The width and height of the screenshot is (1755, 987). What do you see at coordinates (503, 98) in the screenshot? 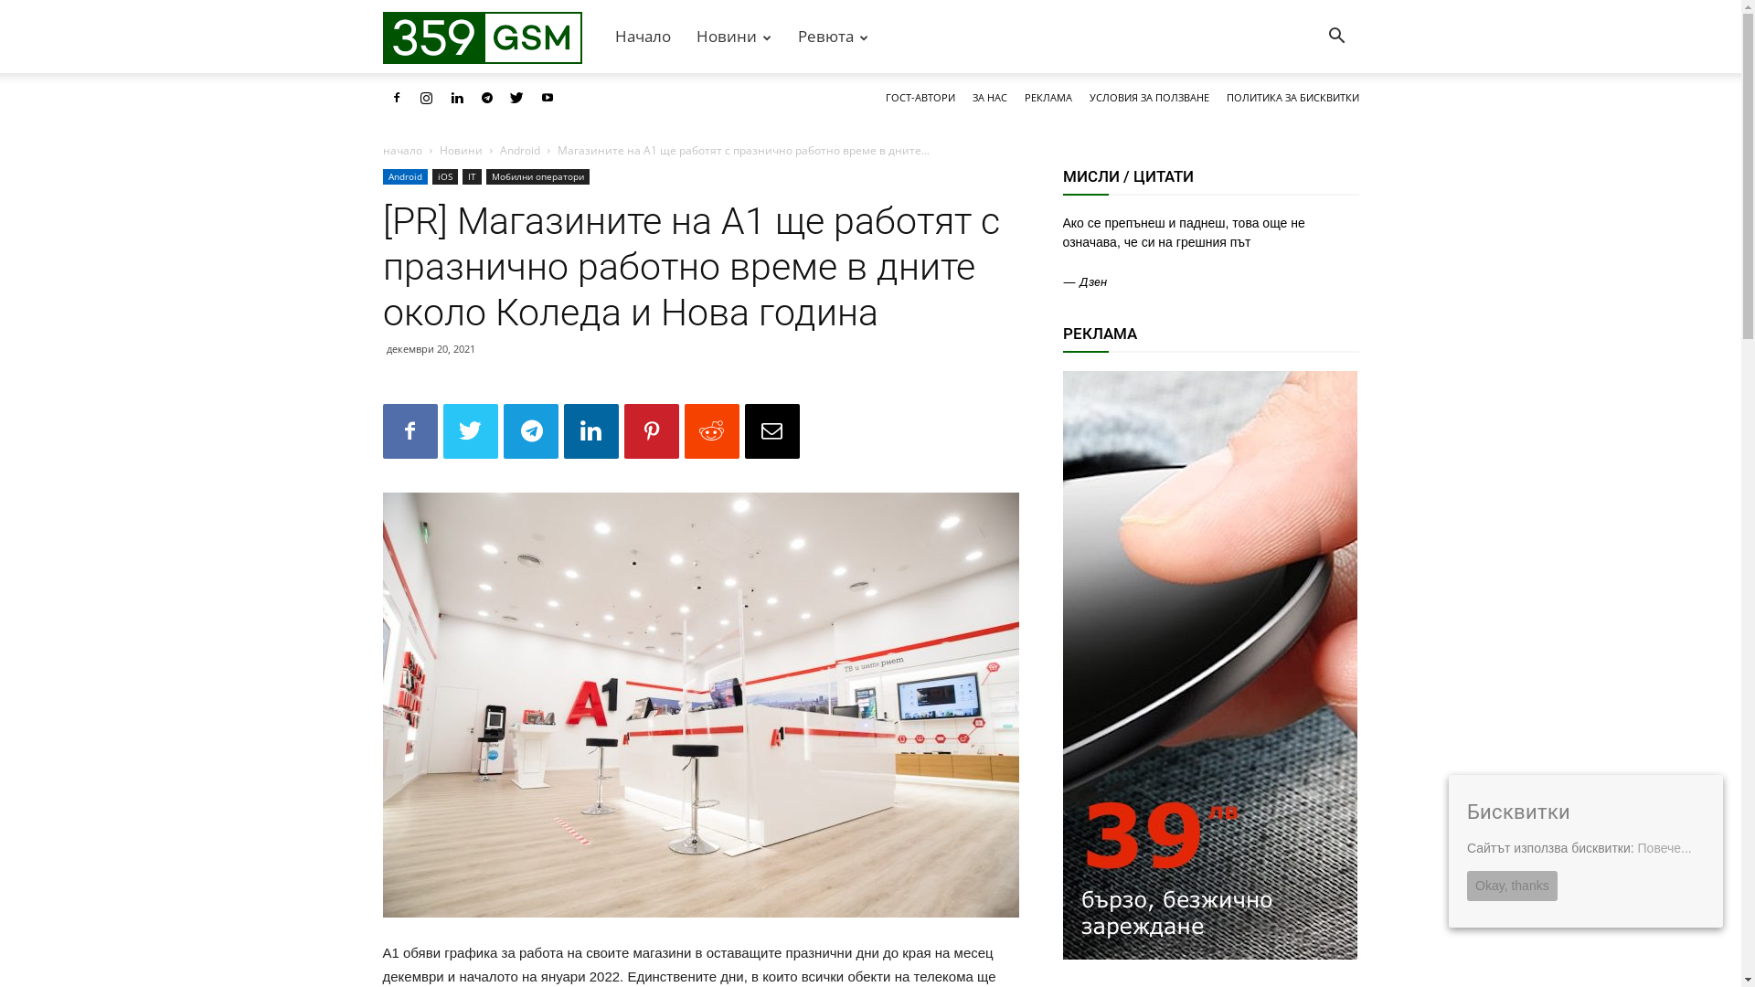
I see `'Twitter'` at bounding box center [503, 98].